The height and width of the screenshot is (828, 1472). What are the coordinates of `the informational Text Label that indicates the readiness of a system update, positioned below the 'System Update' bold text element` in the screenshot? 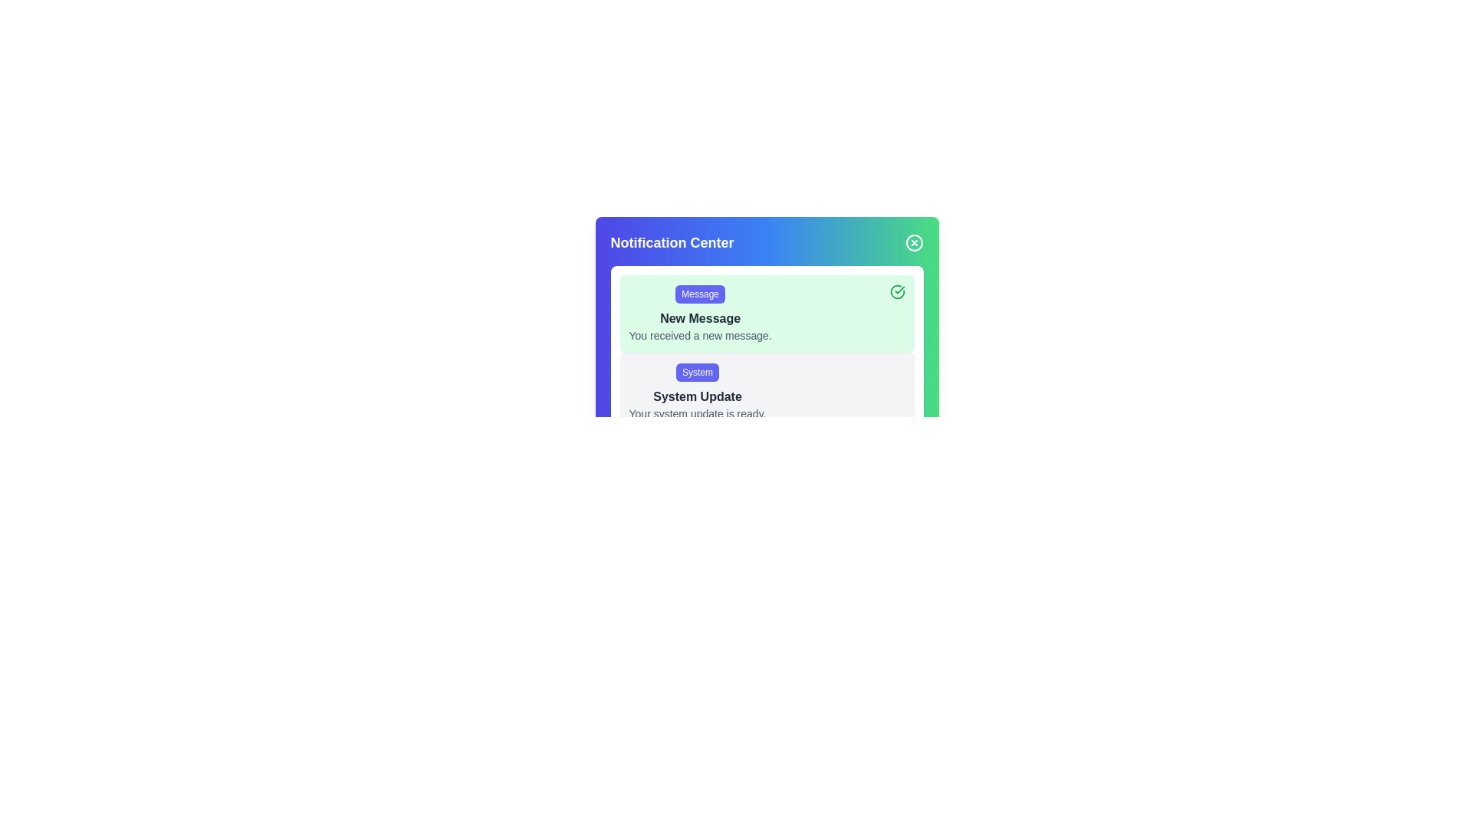 It's located at (697, 414).